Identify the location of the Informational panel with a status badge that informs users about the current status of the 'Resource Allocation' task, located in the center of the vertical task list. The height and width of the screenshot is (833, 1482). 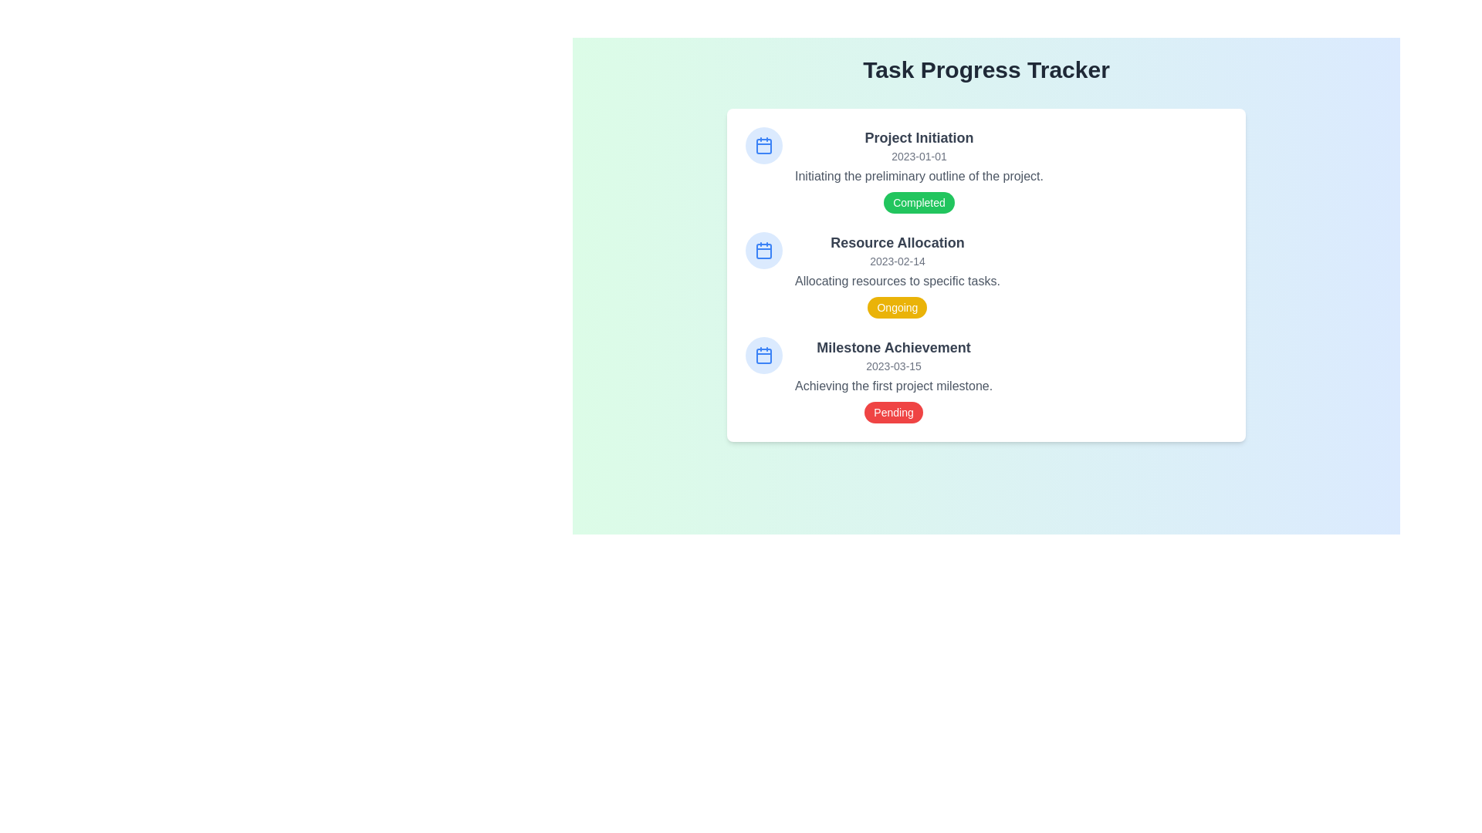
(897, 275).